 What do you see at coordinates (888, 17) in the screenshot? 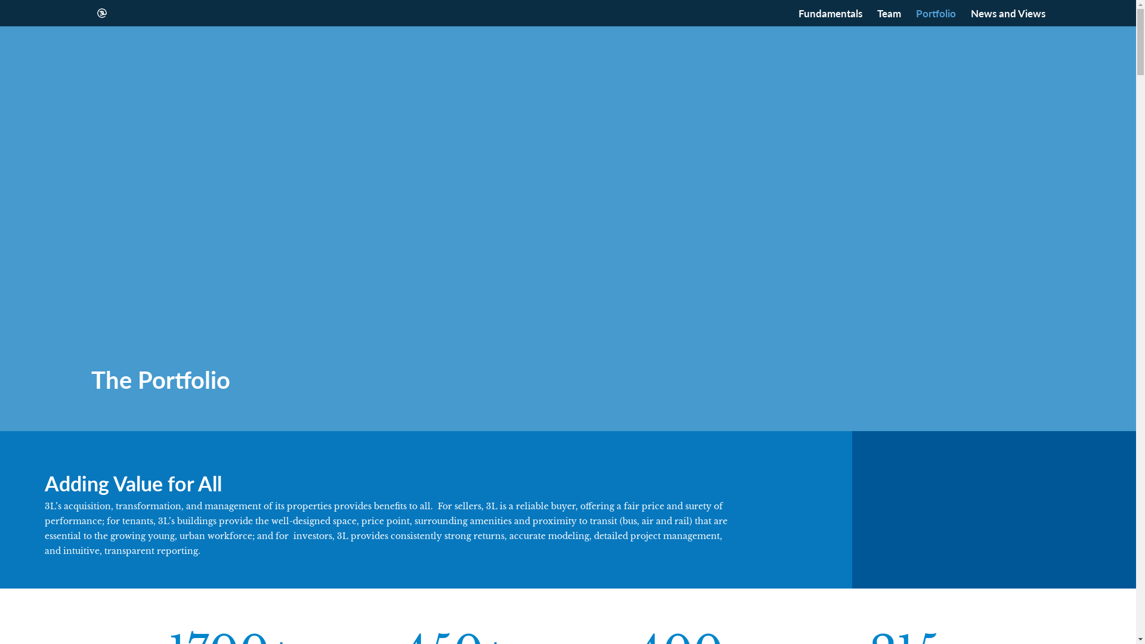
I see `'Team'` at bounding box center [888, 17].